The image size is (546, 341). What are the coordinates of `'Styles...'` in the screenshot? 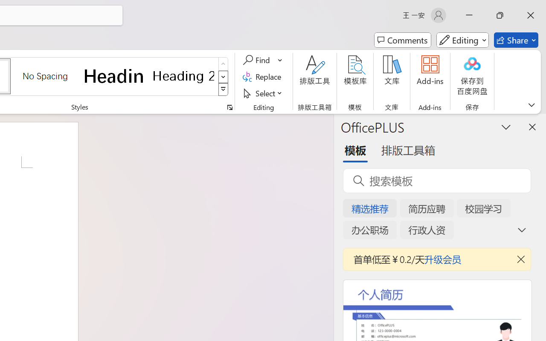 It's located at (229, 107).